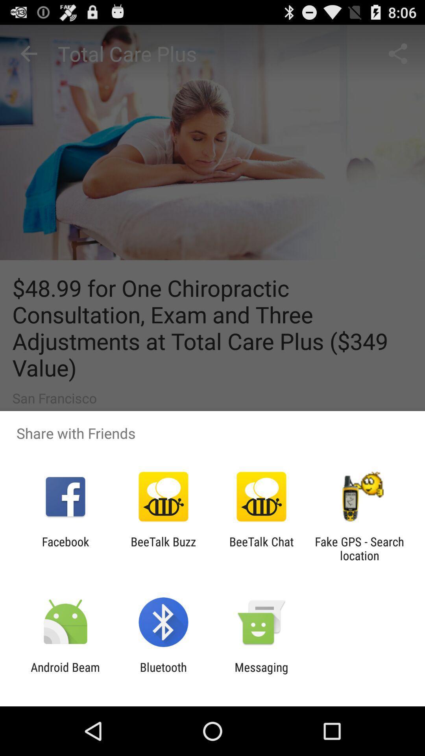 The image size is (425, 756). What do you see at coordinates (261, 548) in the screenshot?
I see `the app to the left of the fake gps search item` at bounding box center [261, 548].